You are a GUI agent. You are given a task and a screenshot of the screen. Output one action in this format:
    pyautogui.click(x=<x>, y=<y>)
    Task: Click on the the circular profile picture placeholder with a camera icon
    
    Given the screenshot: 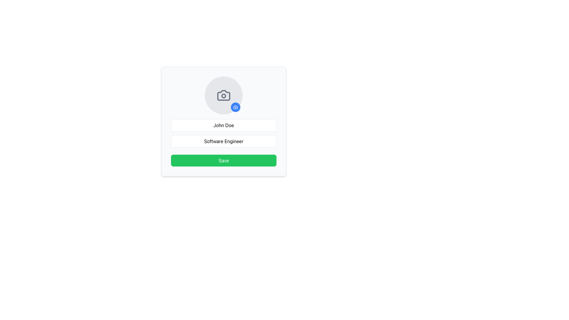 What is the action you would take?
    pyautogui.click(x=223, y=95)
    